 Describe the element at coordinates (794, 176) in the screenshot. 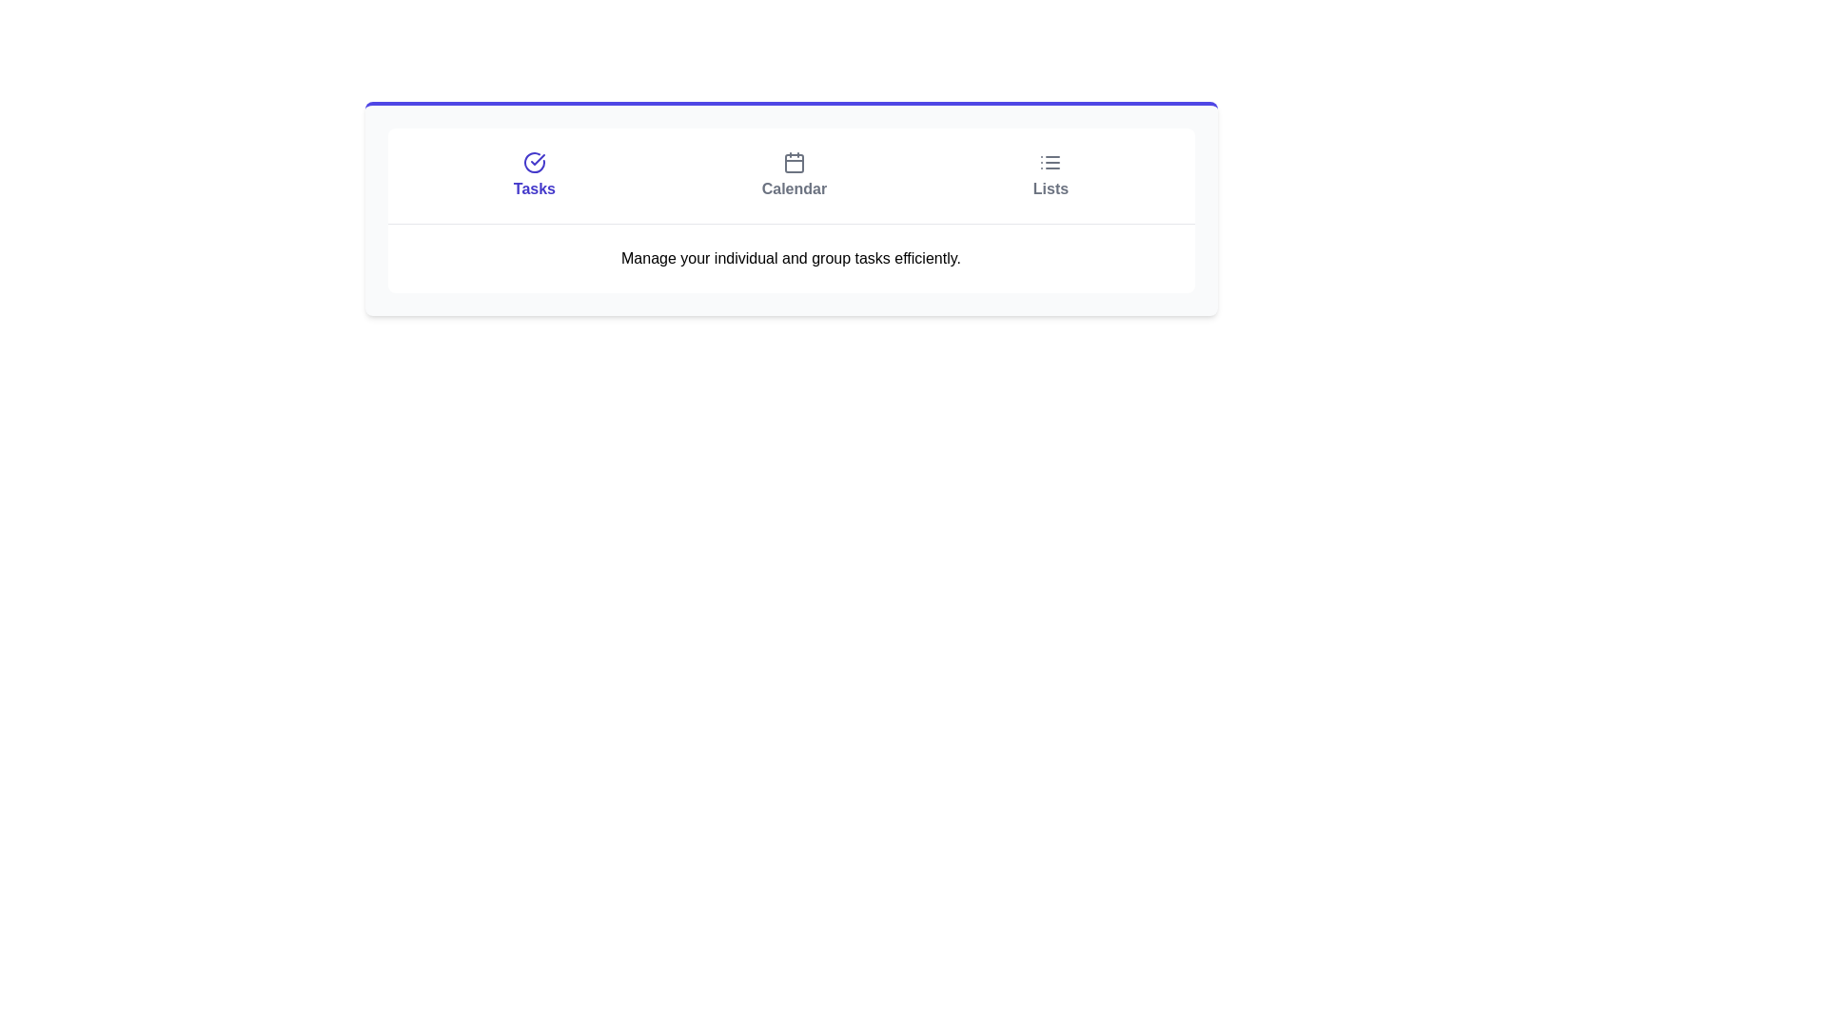

I see `the central navigational button that directs to the calendar page, positioned between 'Tasks' and 'Lists'` at that location.